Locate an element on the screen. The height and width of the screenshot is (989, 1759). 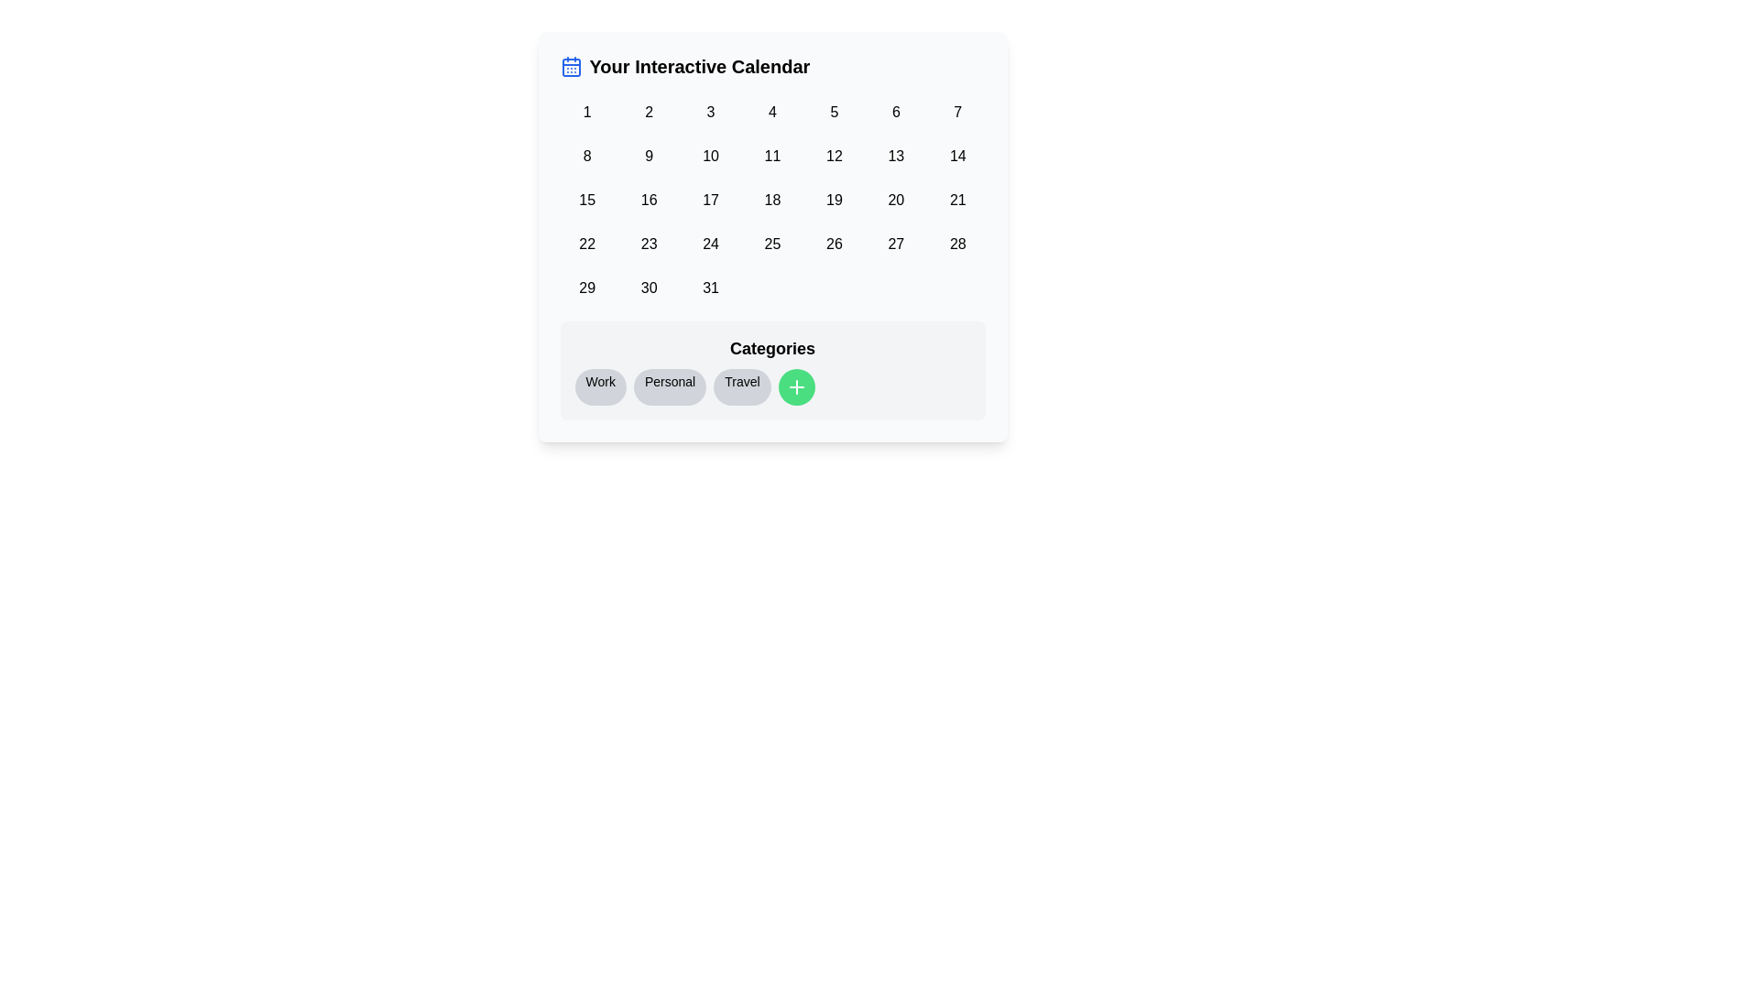
the rounded rectangular button labeled '2' is located at coordinates (649, 113).